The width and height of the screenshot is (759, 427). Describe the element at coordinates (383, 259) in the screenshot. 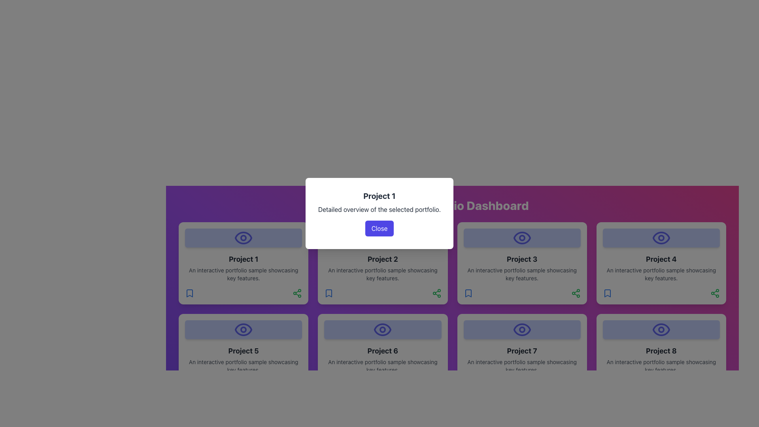

I see `text label that states 'Project 2', which is displayed in bold black text within a card-like structure` at that location.